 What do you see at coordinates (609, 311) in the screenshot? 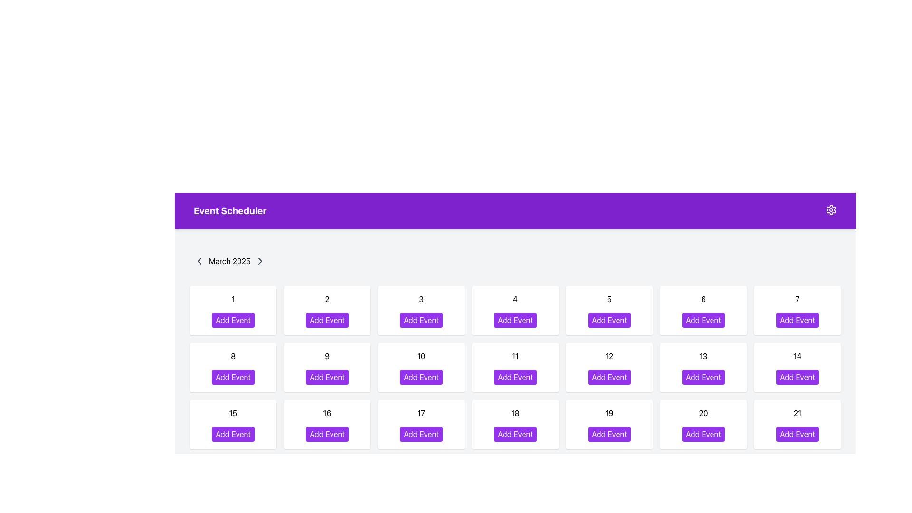
I see `the 'Add Event' button within the Interactive Button with Context (Day Selector and Add Event Button) that displays the number '5' and has a purple background` at bounding box center [609, 311].